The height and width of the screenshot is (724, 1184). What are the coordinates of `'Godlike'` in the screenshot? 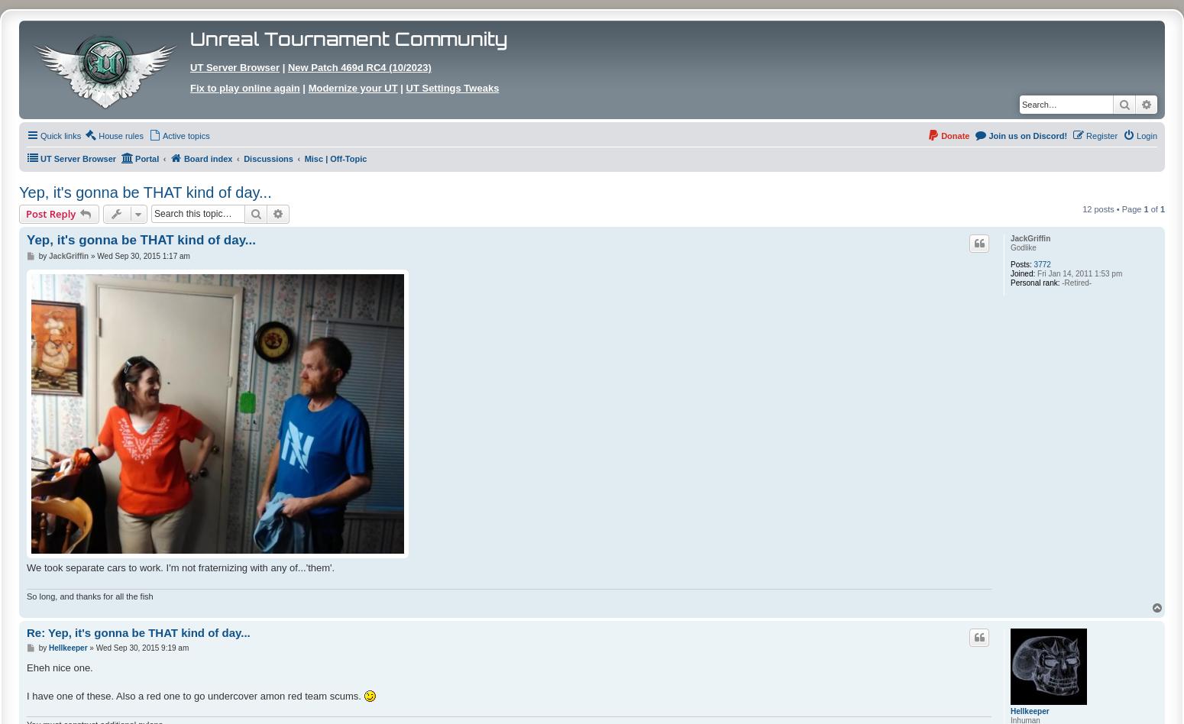 It's located at (1023, 247).